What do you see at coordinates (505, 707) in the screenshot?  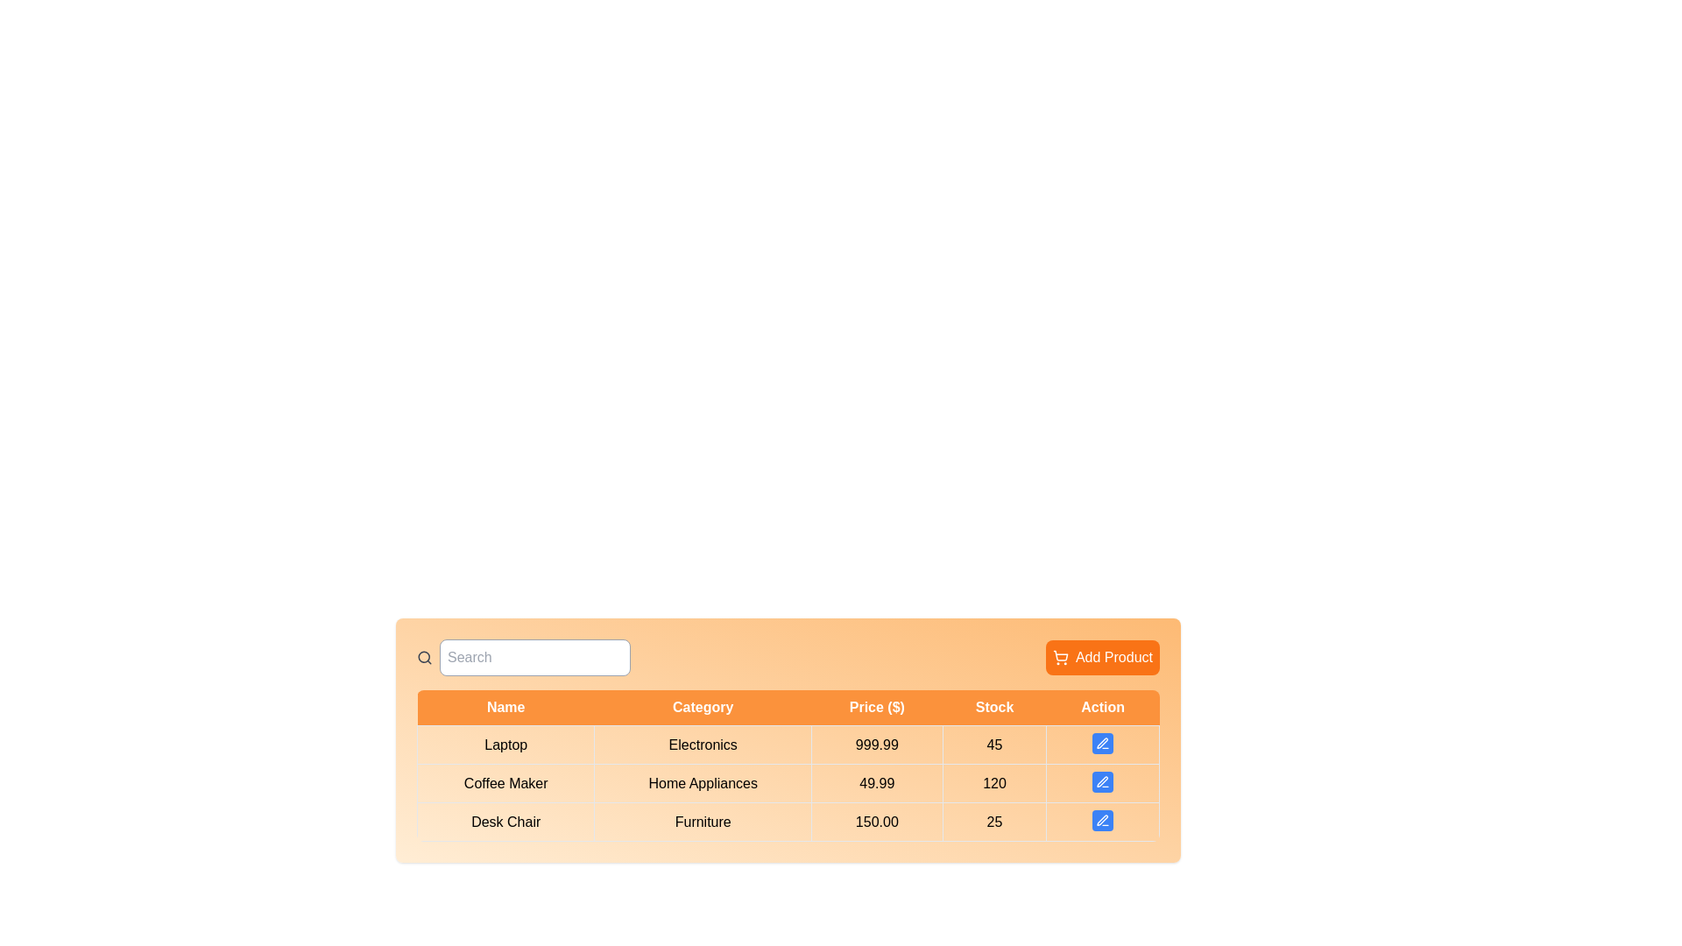 I see `the table header cell labeled 'Name', which is the first header in a row of five, displayed in bold white font on an orange background` at bounding box center [505, 707].